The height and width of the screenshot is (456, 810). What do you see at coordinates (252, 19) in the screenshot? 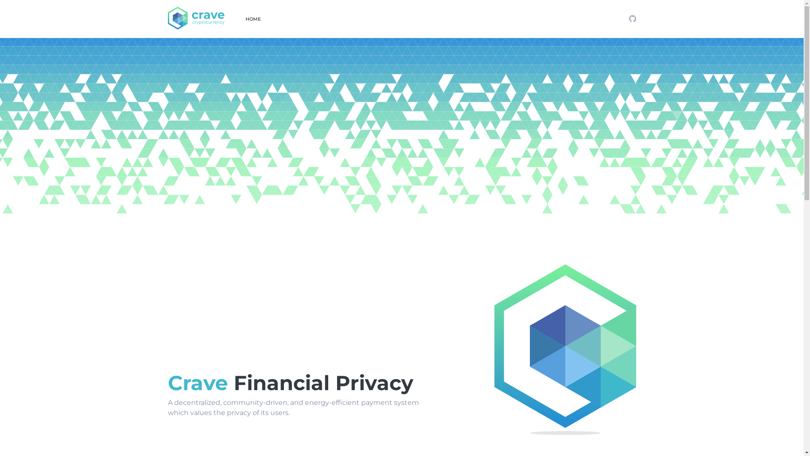
I see `'HOME'` at bounding box center [252, 19].